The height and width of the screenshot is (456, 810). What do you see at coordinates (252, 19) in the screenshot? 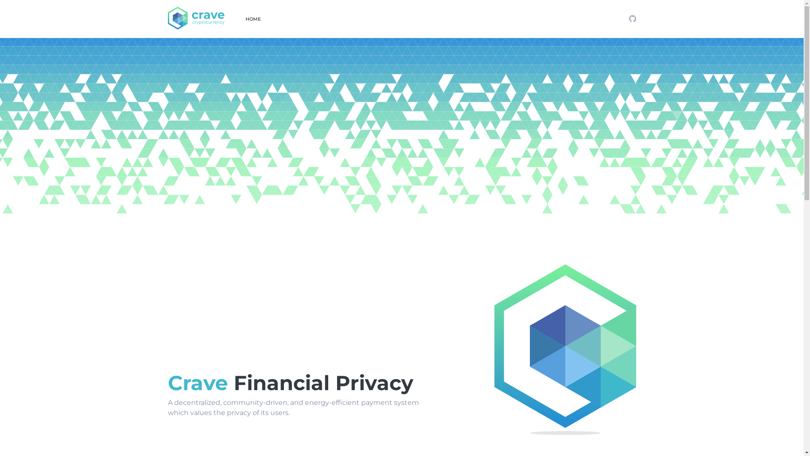
I see `'HOME'` at bounding box center [252, 19].